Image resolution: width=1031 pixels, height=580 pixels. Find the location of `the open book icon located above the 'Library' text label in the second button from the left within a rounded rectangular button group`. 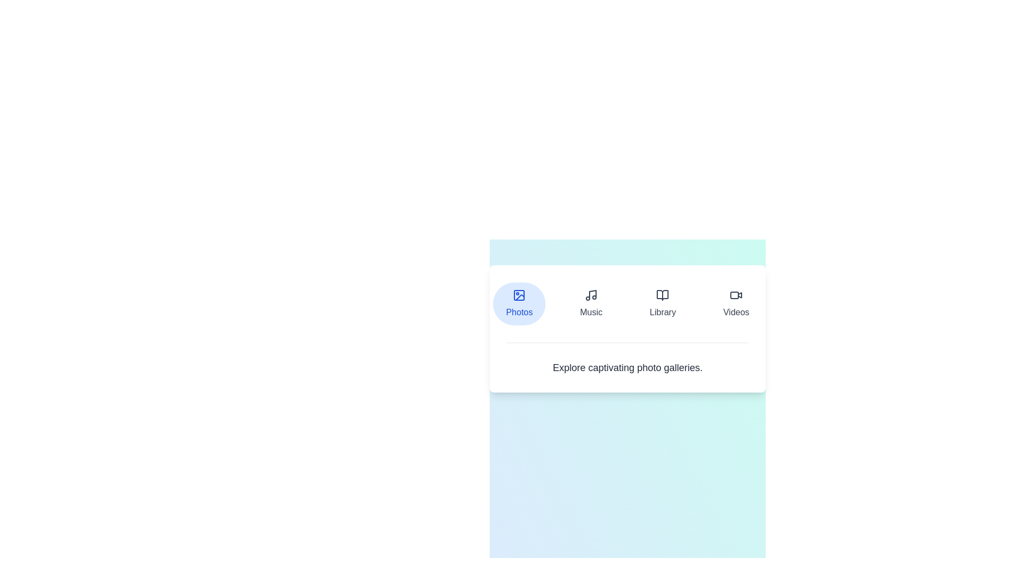

the open book icon located above the 'Library' text label in the second button from the left within a rounded rectangular button group is located at coordinates (662, 295).